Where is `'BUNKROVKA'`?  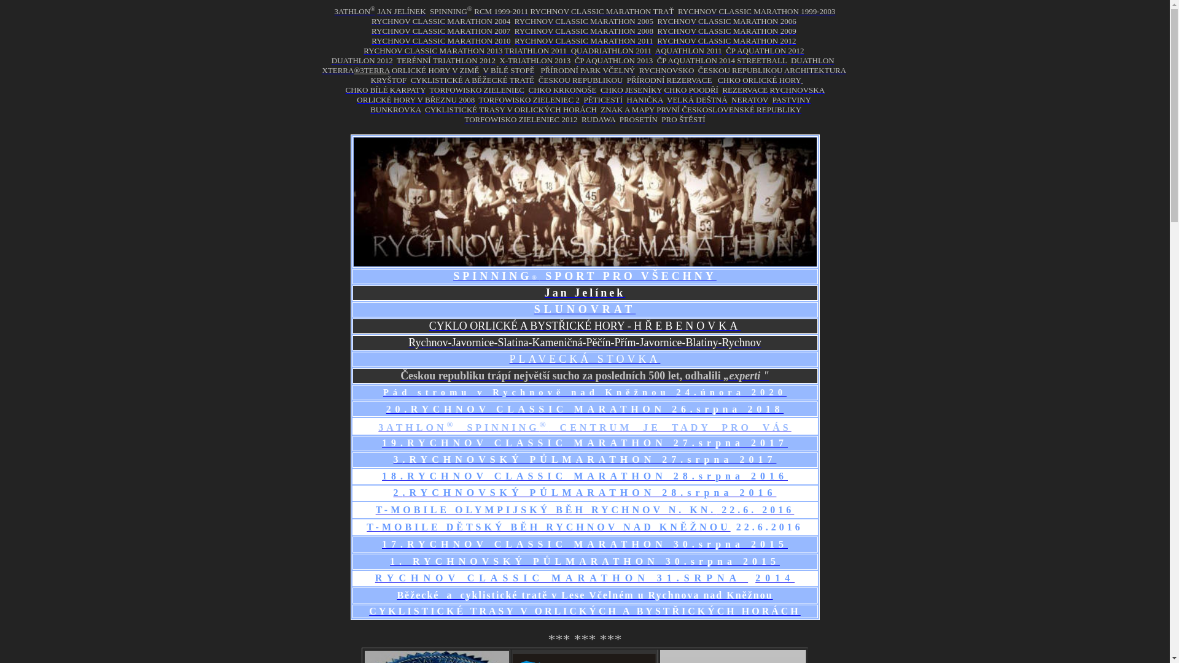
'BUNKROVKA' is located at coordinates (395, 109).